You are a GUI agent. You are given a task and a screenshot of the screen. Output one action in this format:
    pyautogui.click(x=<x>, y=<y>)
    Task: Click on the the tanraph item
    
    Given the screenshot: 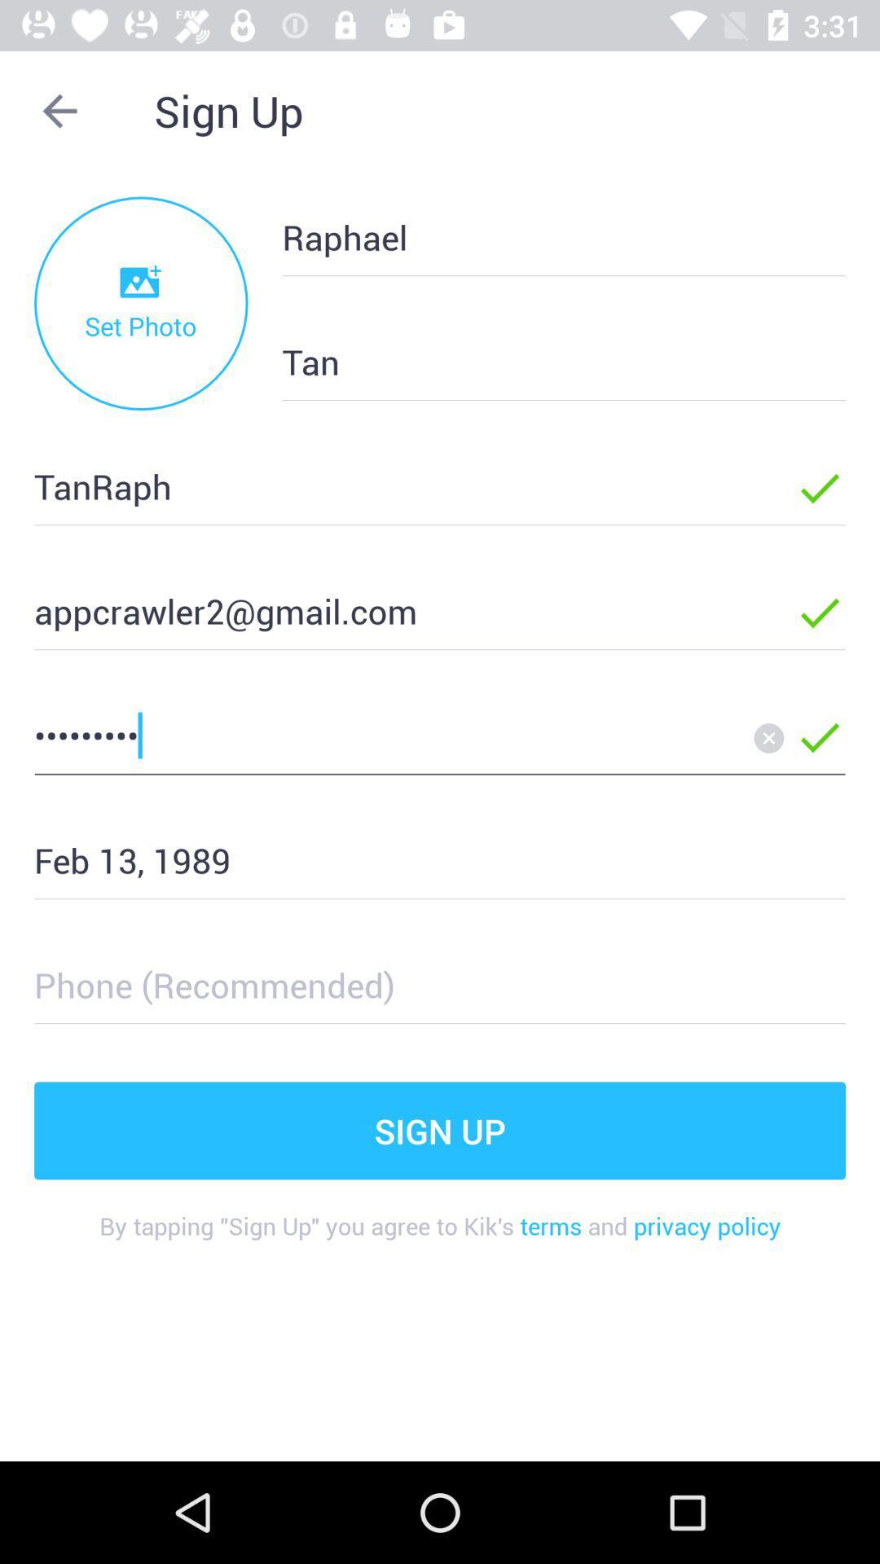 What is the action you would take?
    pyautogui.click(x=389, y=485)
    